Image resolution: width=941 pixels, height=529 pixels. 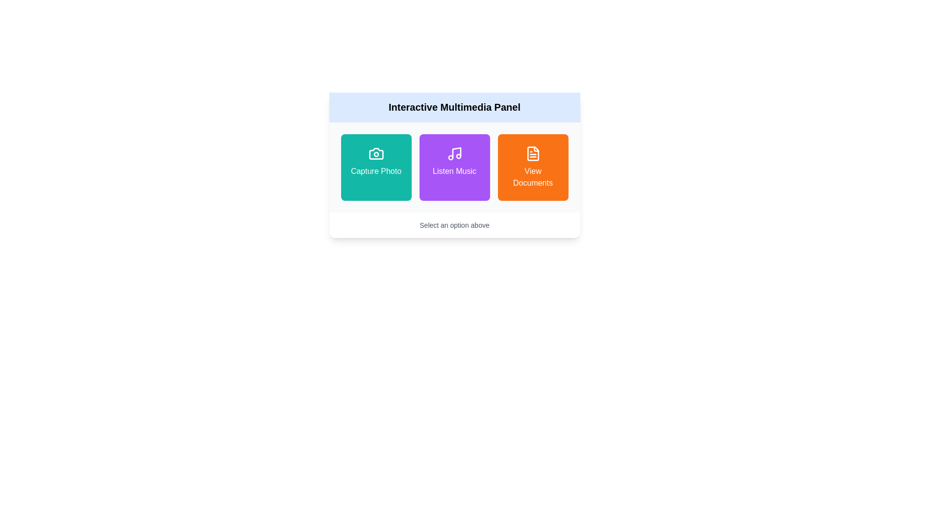 I want to click on the 'Listen Music' button on the Interactive Multimedia Panel, so click(x=454, y=165).